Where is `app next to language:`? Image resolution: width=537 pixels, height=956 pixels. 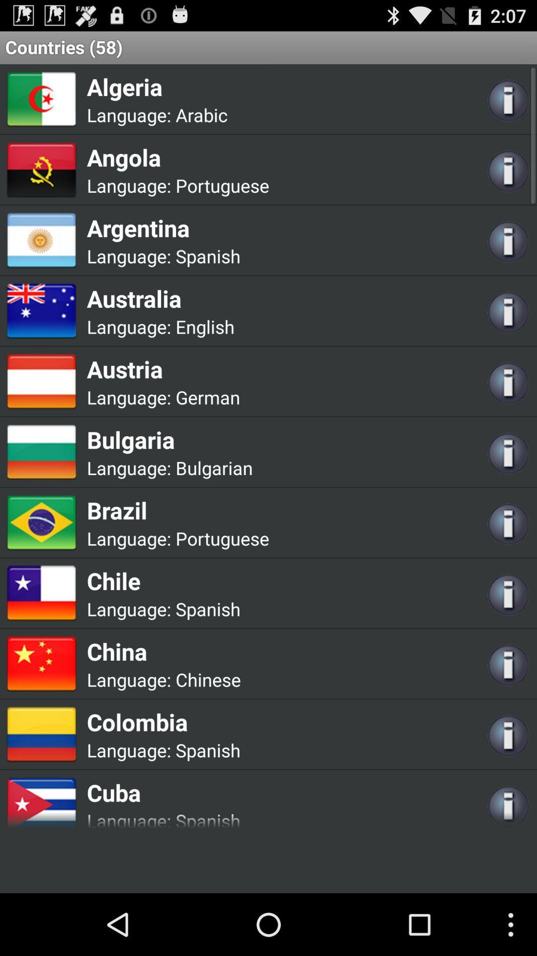 app next to language: is located at coordinates (204, 327).